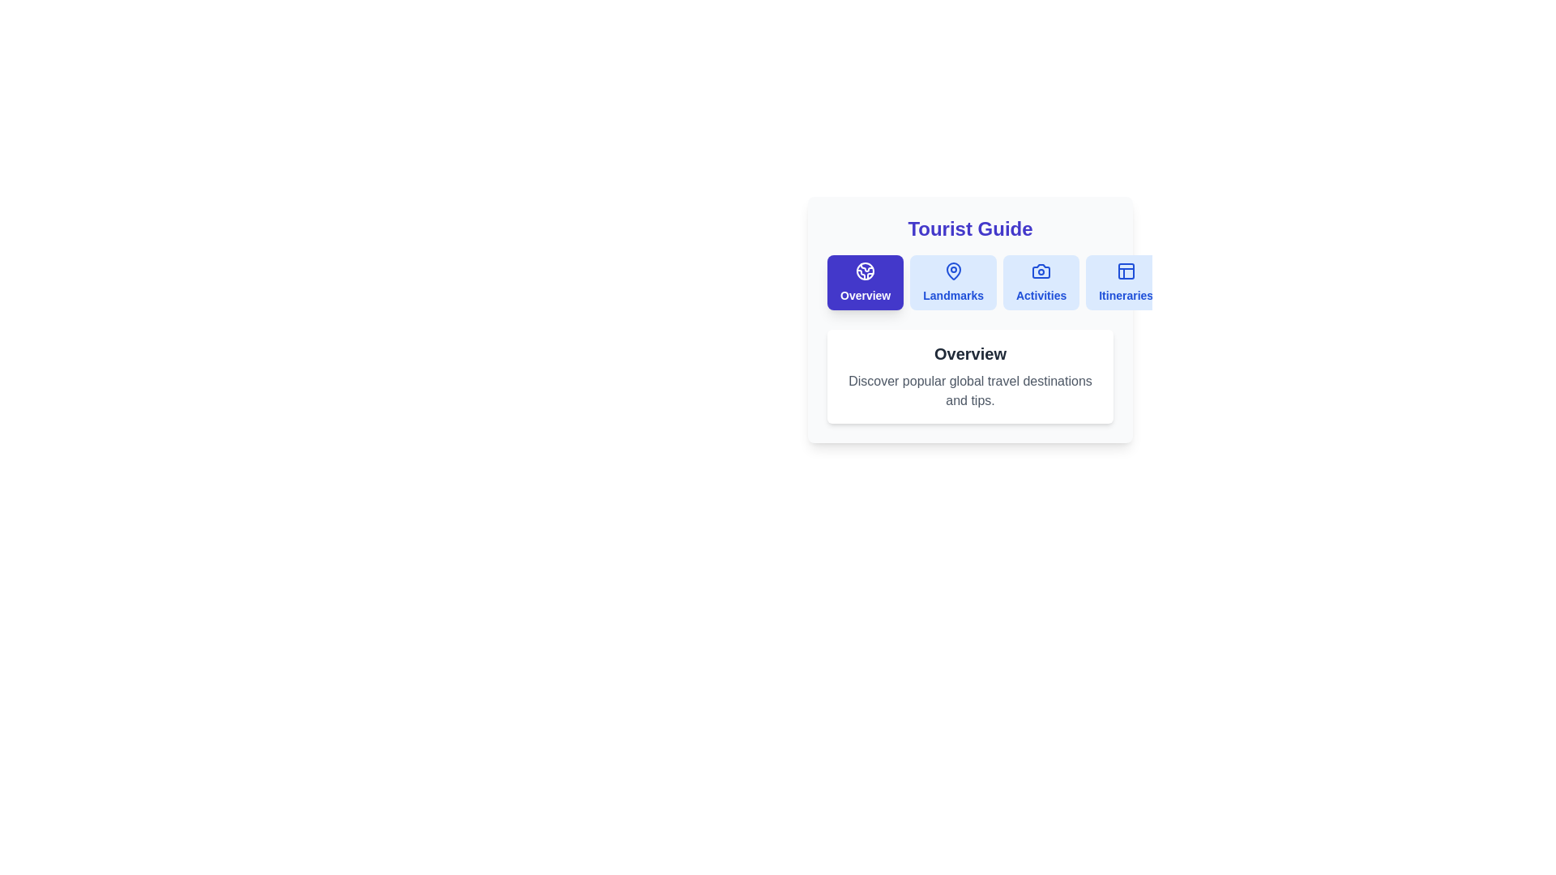 This screenshot has width=1556, height=875. Describe the element at coordinates (1041, 281) in the screenshot. I see `the tab labeled Activities to inspect its icon and label` at that location.